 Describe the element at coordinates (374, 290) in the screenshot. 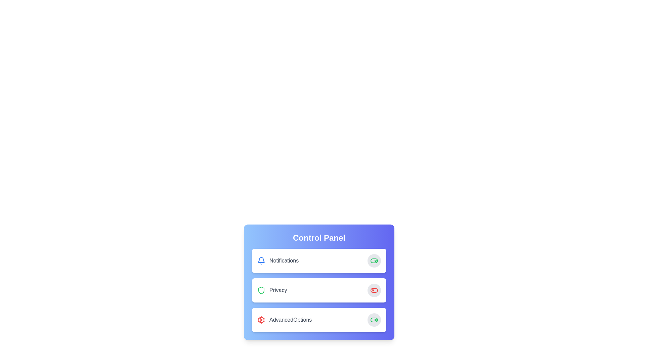

I see `the left side of the toggle button for the 'Privacy' setting in the Control Panel interface` at that location.